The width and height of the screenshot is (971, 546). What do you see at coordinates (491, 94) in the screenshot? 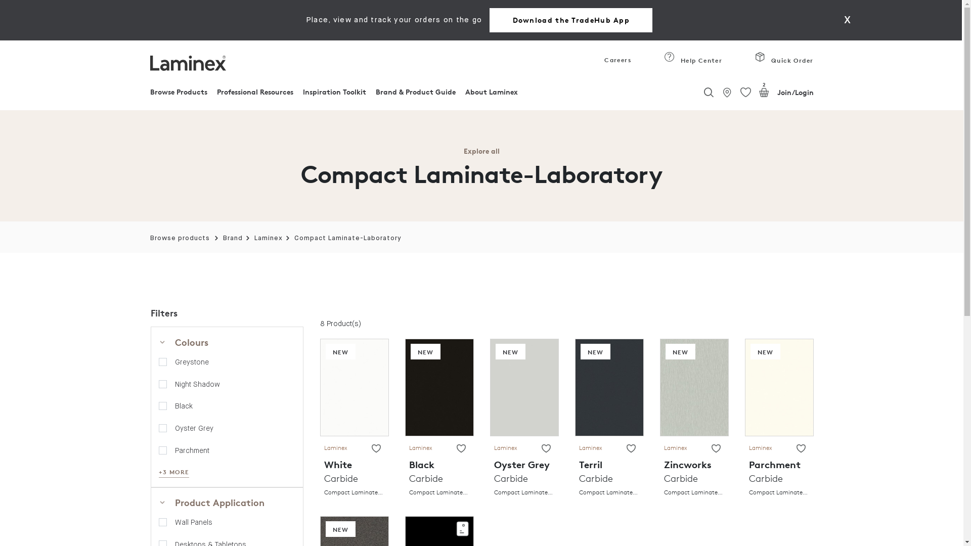
I see `'About Laminex'` at bounding box center [491, 94].